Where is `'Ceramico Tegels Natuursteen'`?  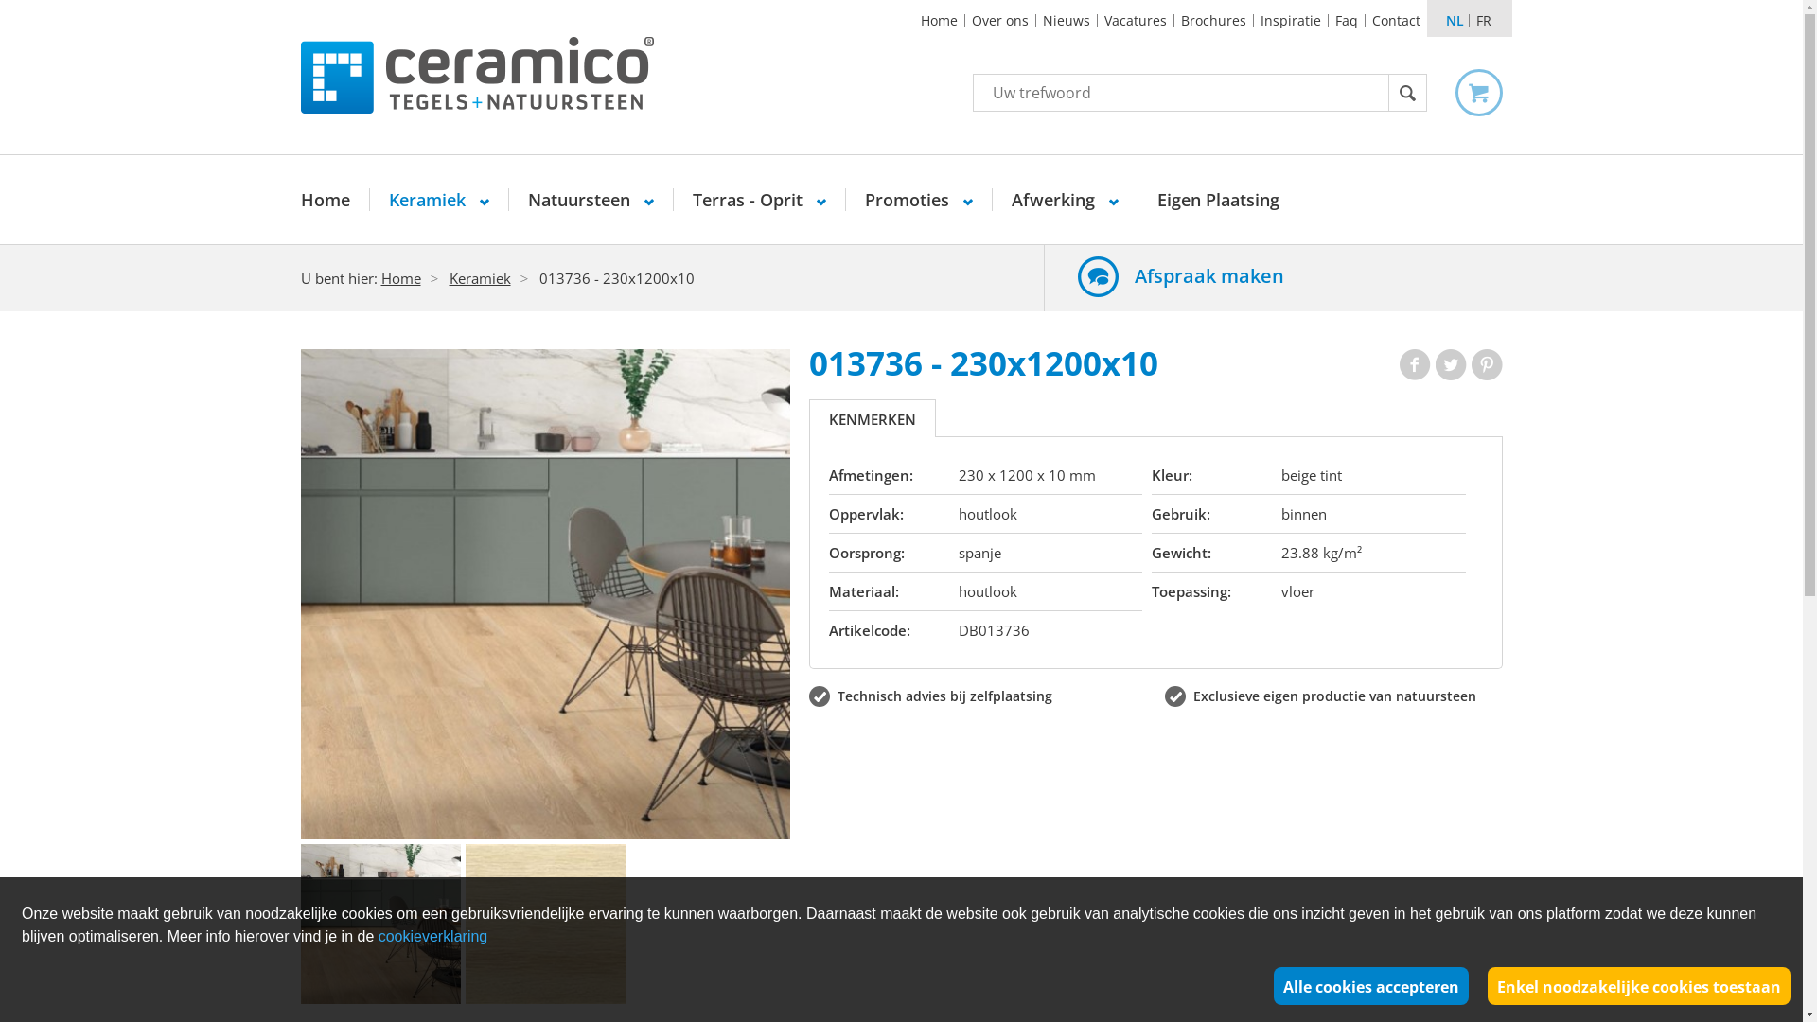
'Ceramico Tegels Natuursteen' is located at coordinates (495, 76).